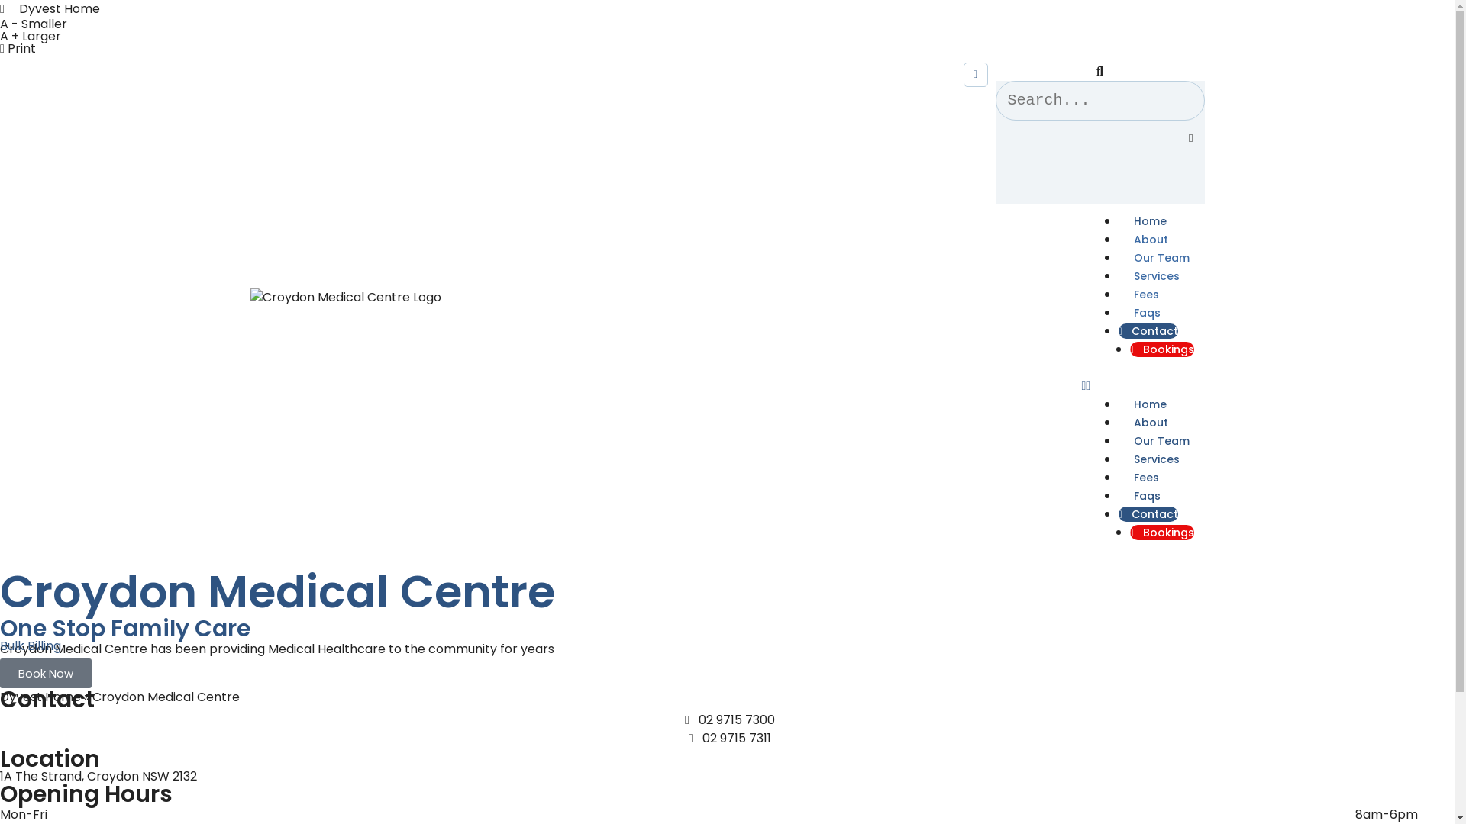  What do you see at coordinates (1147, 330) in the screenshot?
I see `'Contact'` at bounding box center [1147, 330].